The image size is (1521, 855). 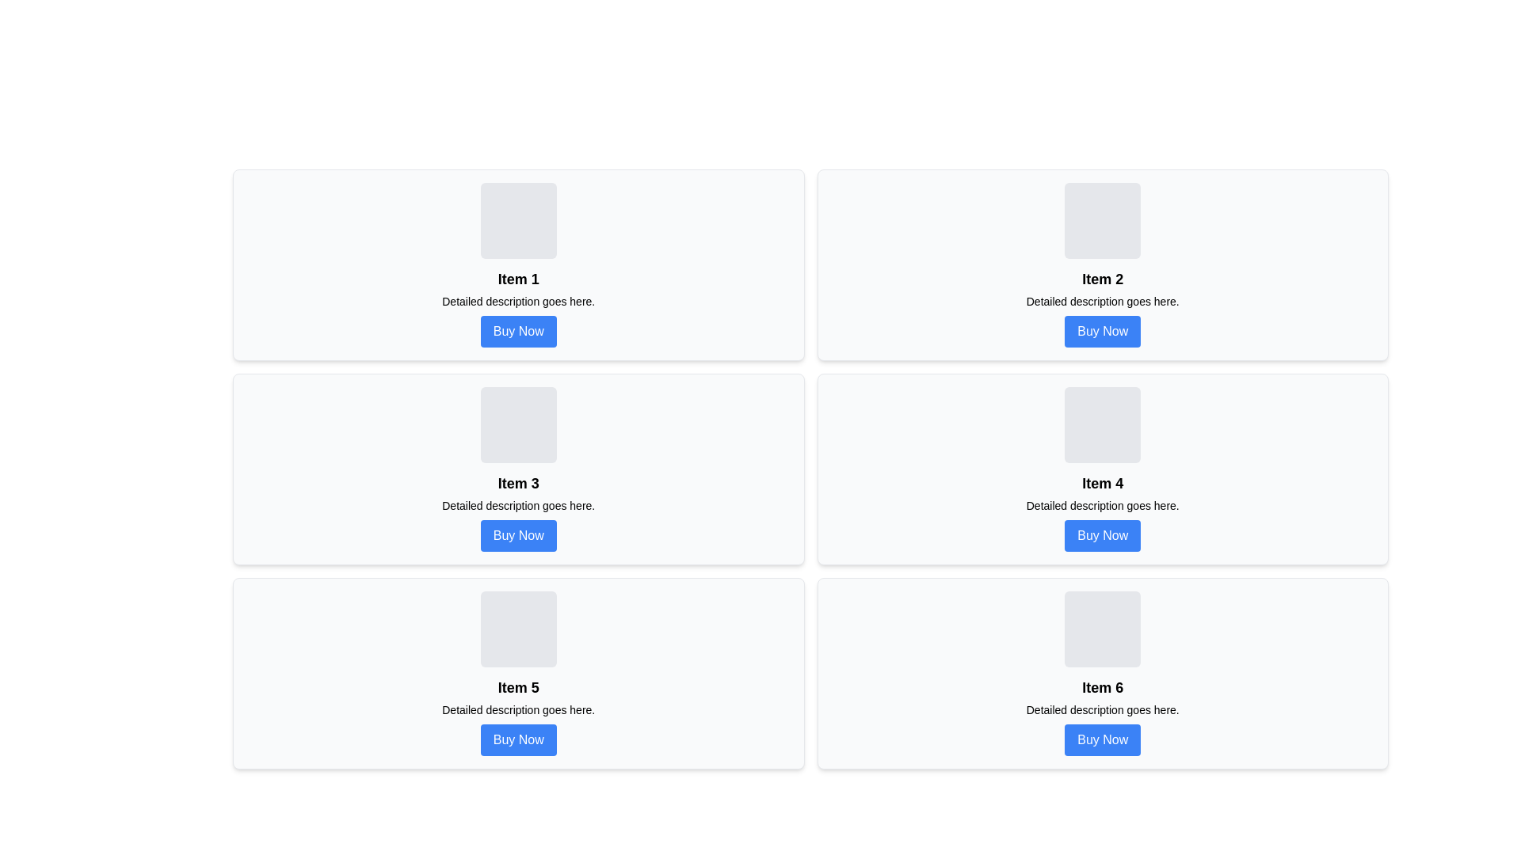 I want to click on the 'Buy Now' button, which is a rectangular button with white text on a blue background, located in the lower part of the 'Item 3' card, so click(x=518, y=535).